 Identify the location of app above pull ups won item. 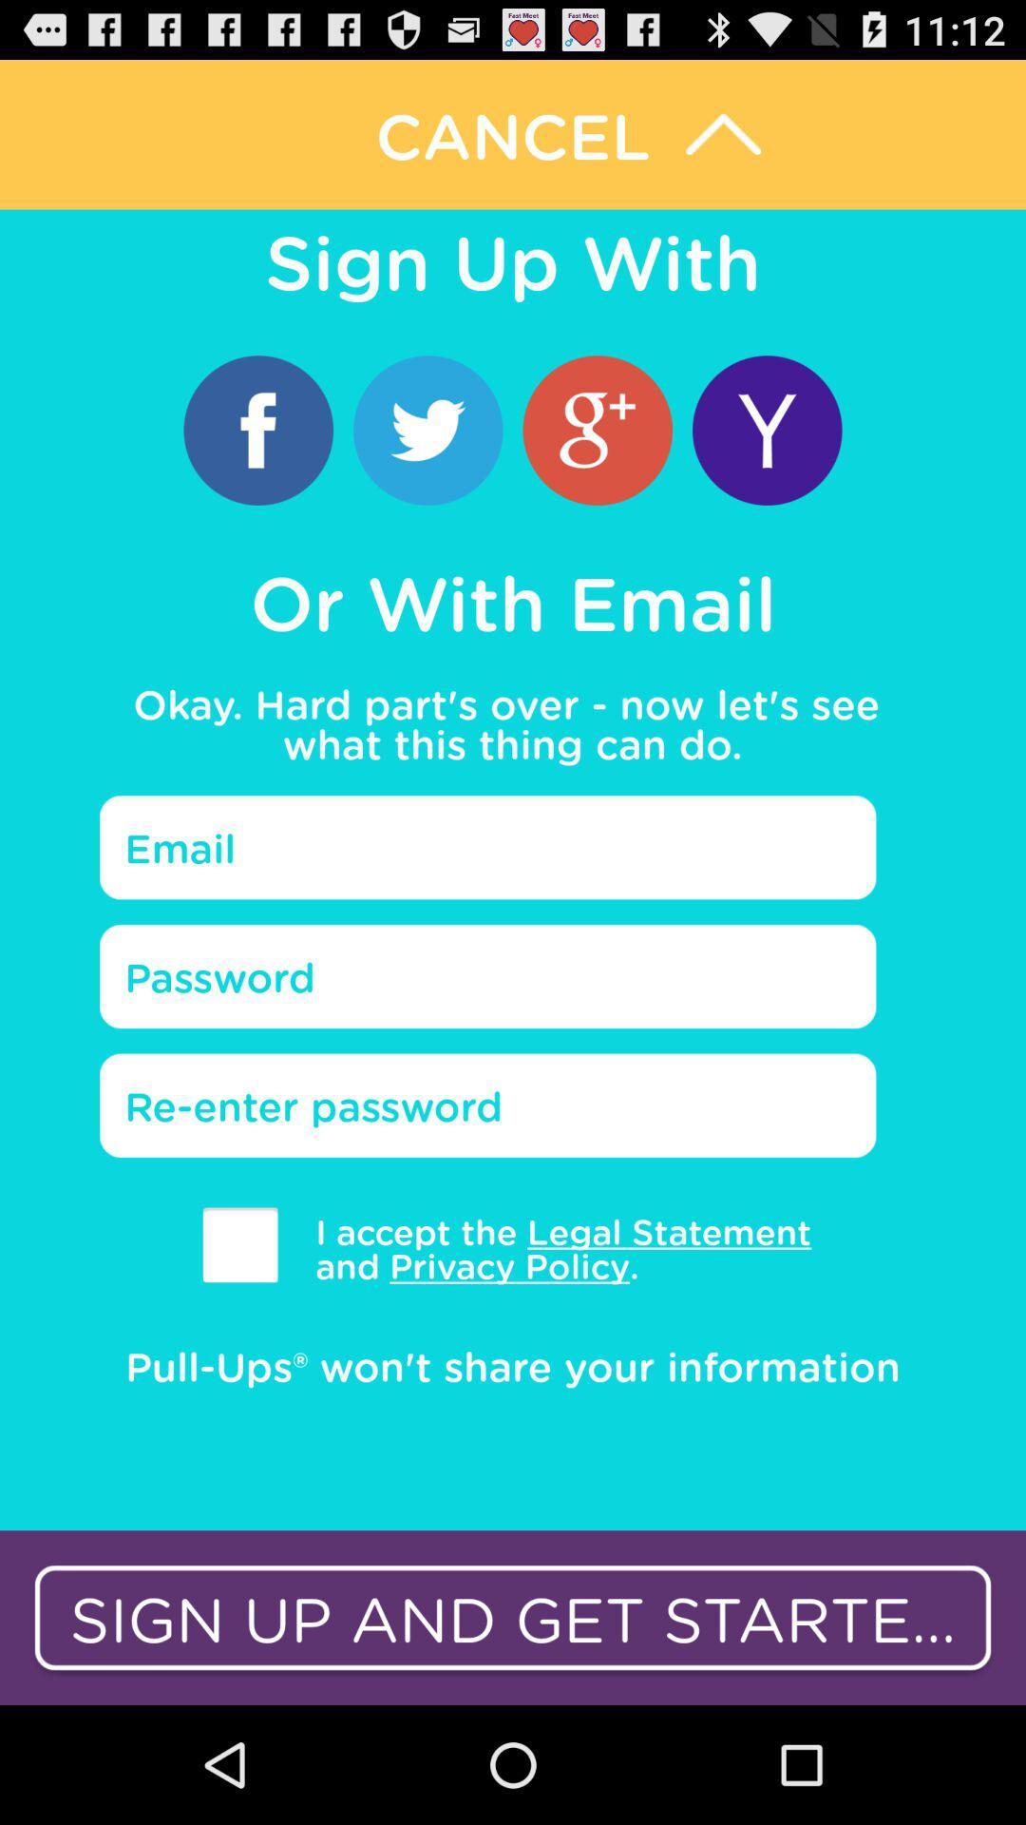
(549, 1248).